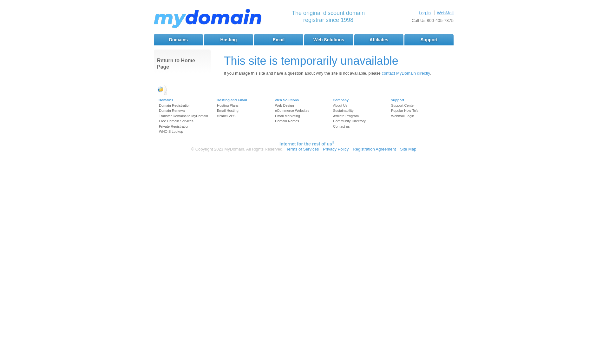 The image size is (609, 343). What do you see at coordinates (292, 110) in the screenshot?
I see `'eCommerce Websites'` at bounding box center [292, 110].